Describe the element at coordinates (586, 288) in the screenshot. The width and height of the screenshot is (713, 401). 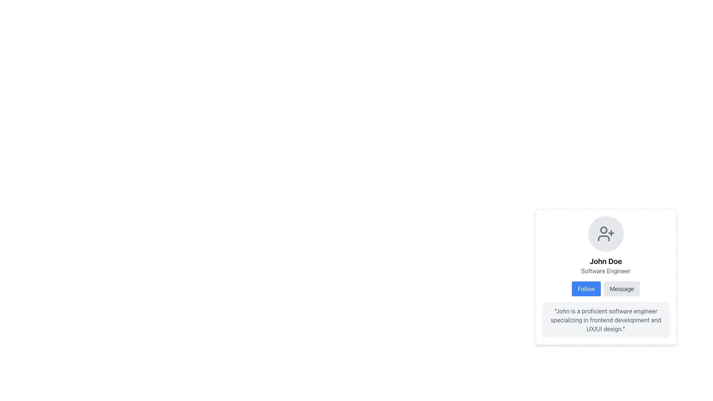
I see `the 'Follow' button located below the profile information header for 'John Doe - Software Engineer', which is the leftmost button in the card interface` at that location.